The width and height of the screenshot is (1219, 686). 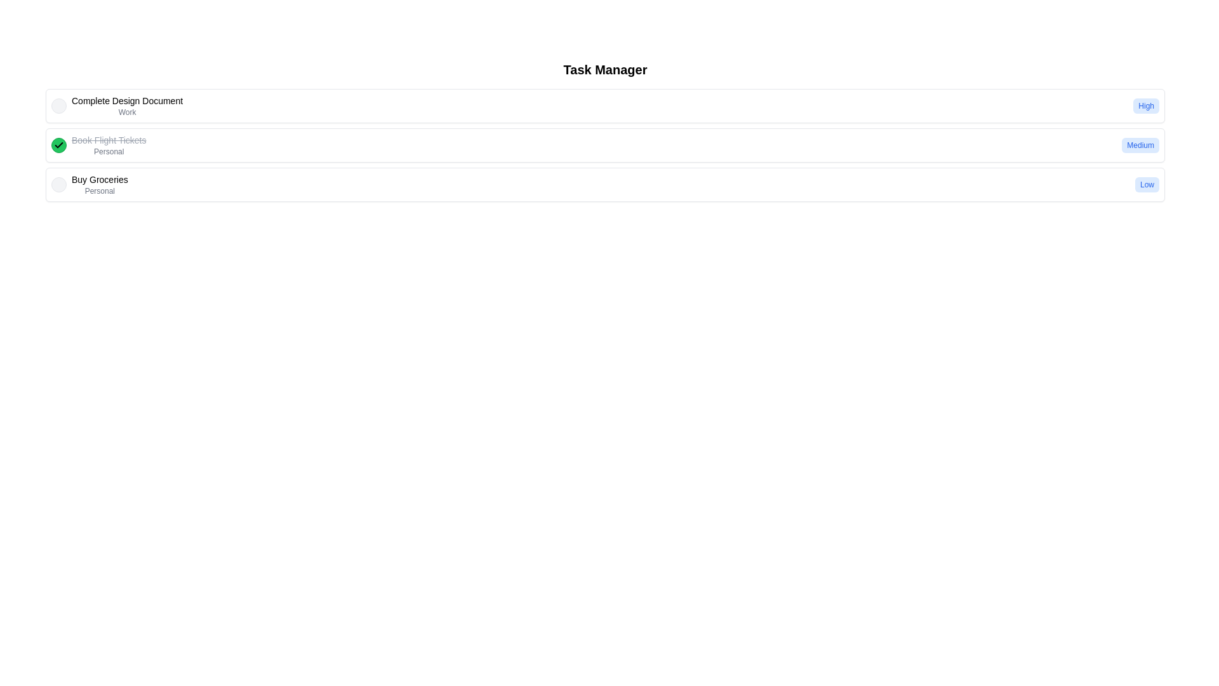 What do you see at coordinates (98, 144) in the screenshot?
I see `the green circular checkmark icon of the completed task 'Book Flight Tickets' in the to-do list` at bounding box center [98, 144].